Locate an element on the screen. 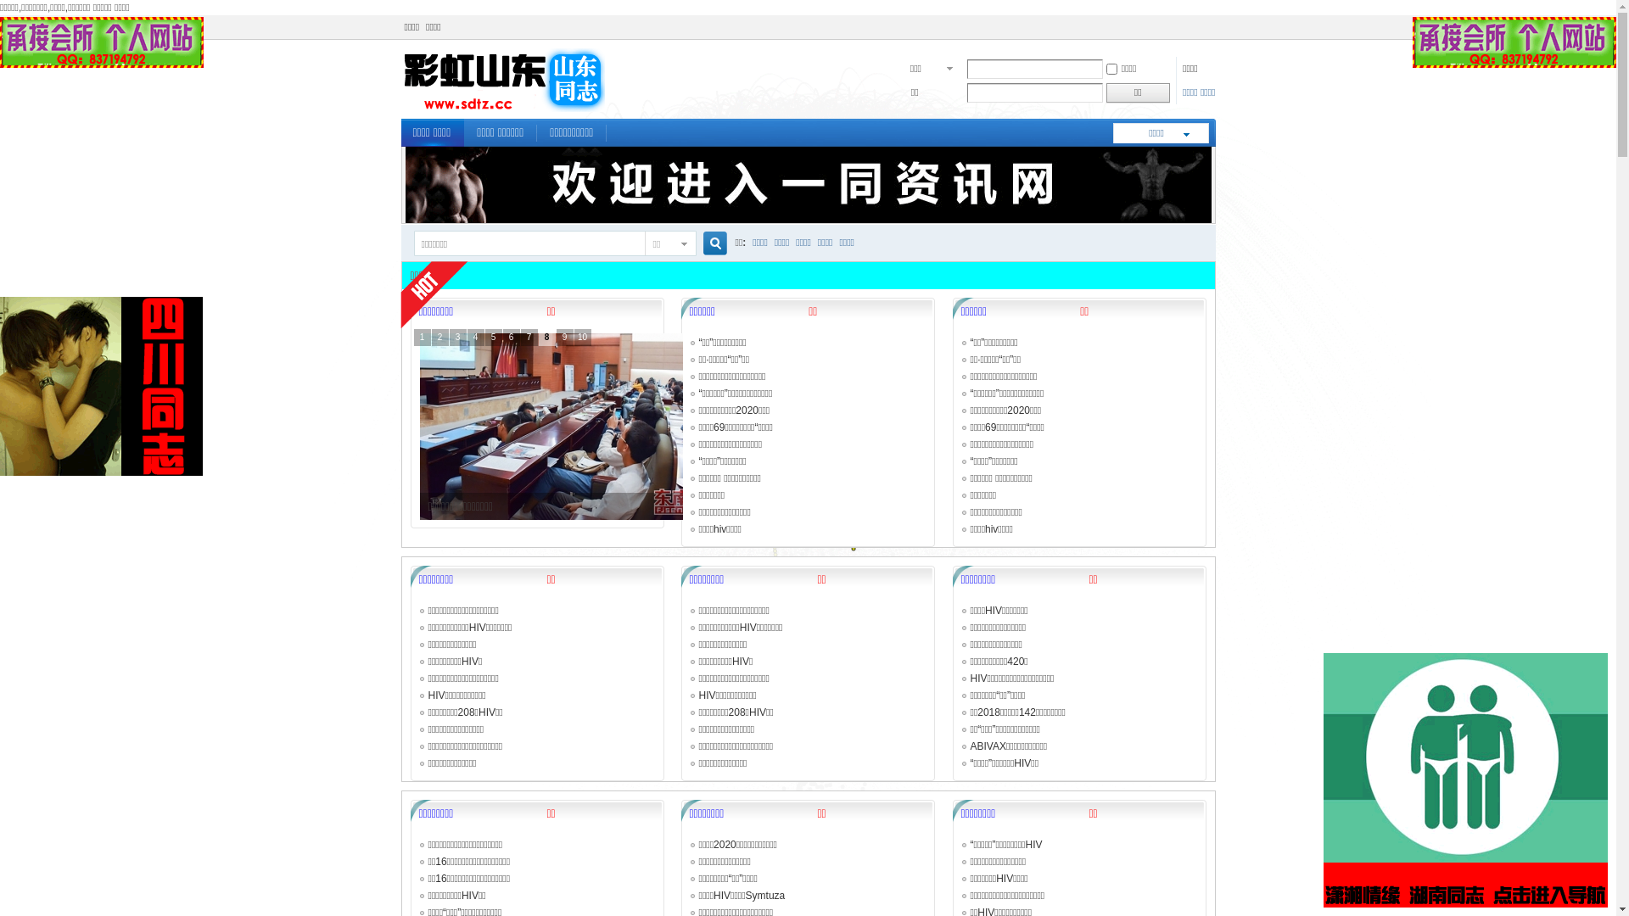  'true' is located at coordinates (708, 243).